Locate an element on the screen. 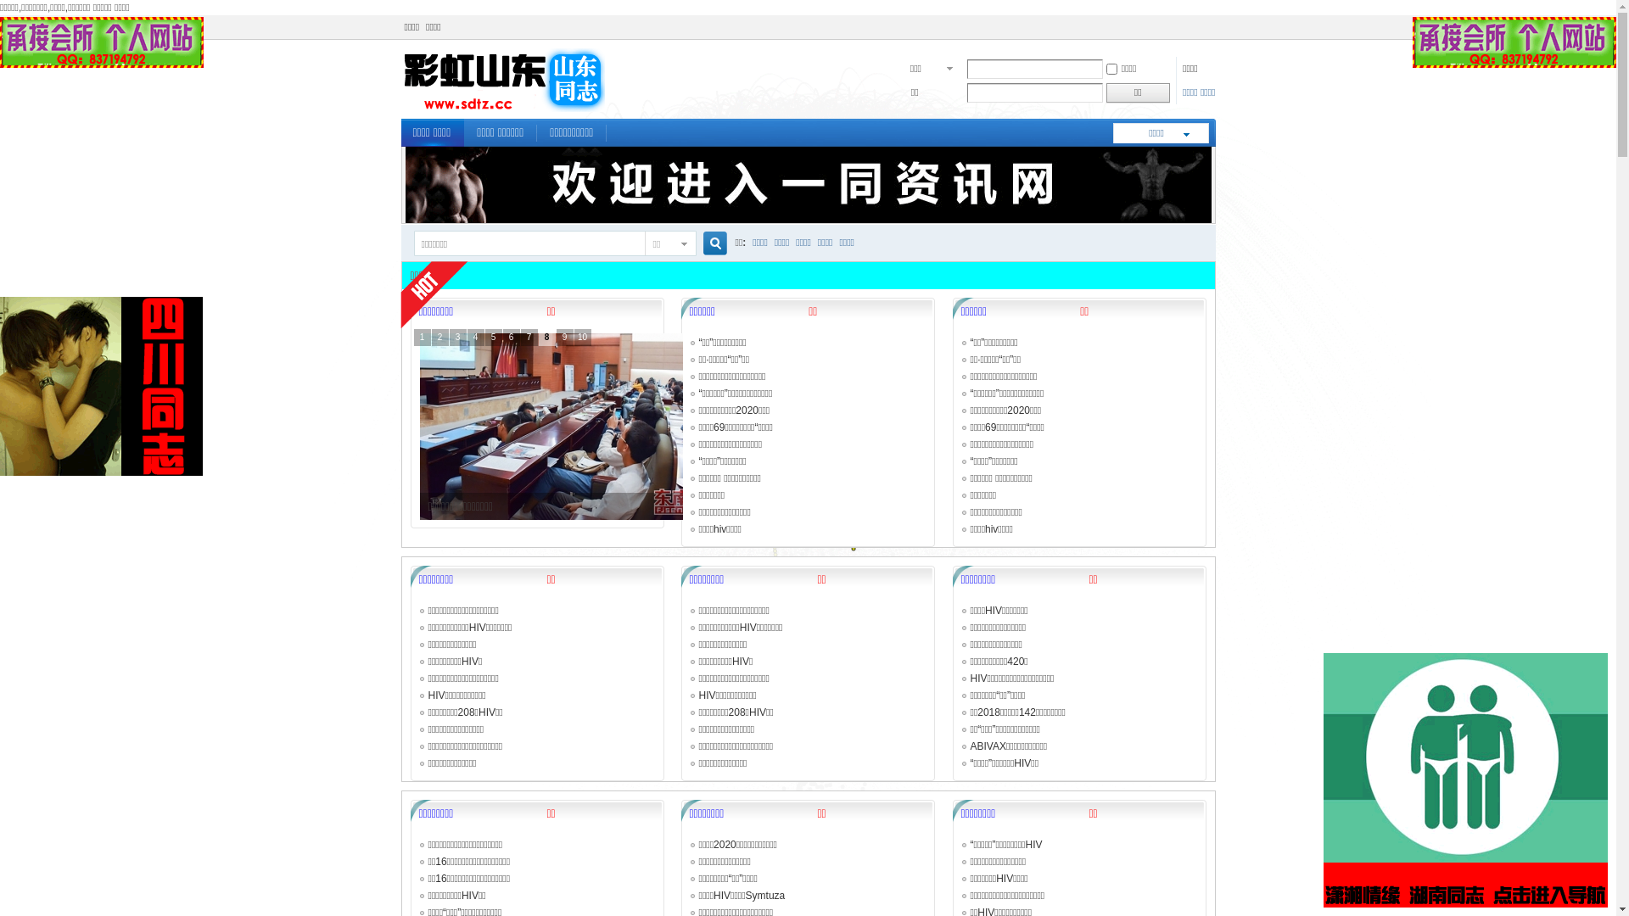  'true' is located at coordinates (708, 243).